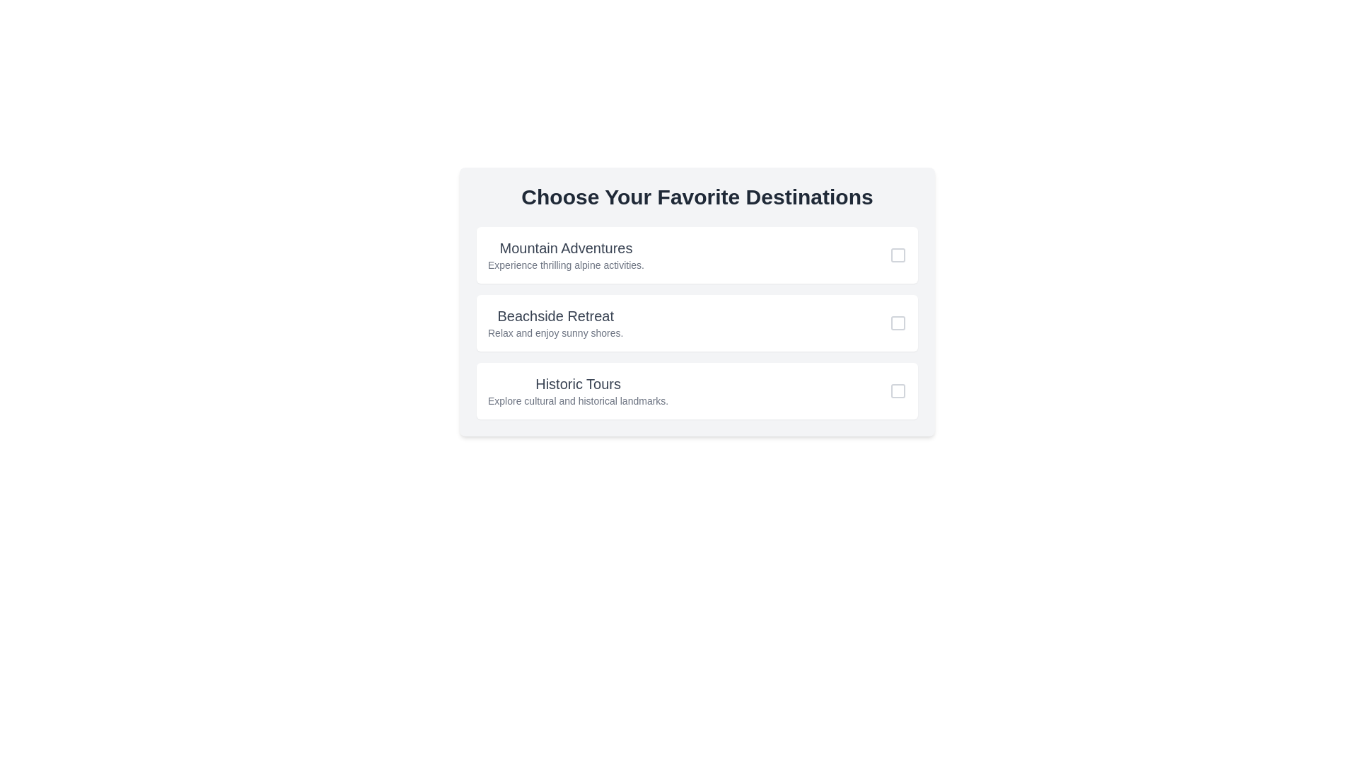  Describe the element at coordinates (555, 332) in the screenshot. I see `the text label that reads 'Relax and enjoy sunny shores.', which is styled in light gray font and located beneath the title 'Beachside Retreat'` at that location.